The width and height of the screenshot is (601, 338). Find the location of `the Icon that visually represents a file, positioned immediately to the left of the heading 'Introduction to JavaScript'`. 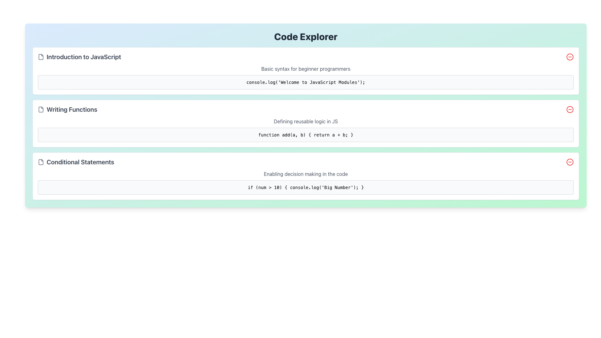

the Icon that visually represents a file, positioned immediately to the left of the heading 'Introduction to JavaScript' is located at coordinates (40, 57).